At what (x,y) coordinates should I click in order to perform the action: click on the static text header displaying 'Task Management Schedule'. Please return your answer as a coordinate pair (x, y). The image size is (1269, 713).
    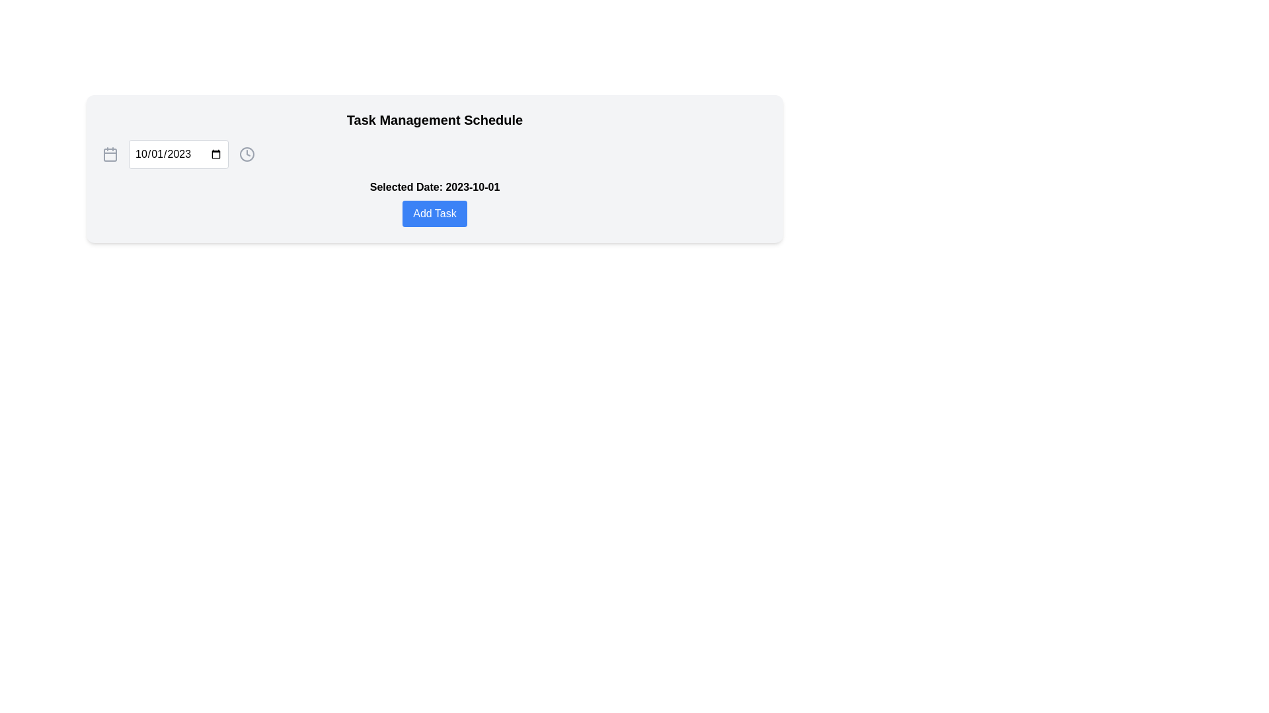
    Looking at the image, I should click on (434, 119).